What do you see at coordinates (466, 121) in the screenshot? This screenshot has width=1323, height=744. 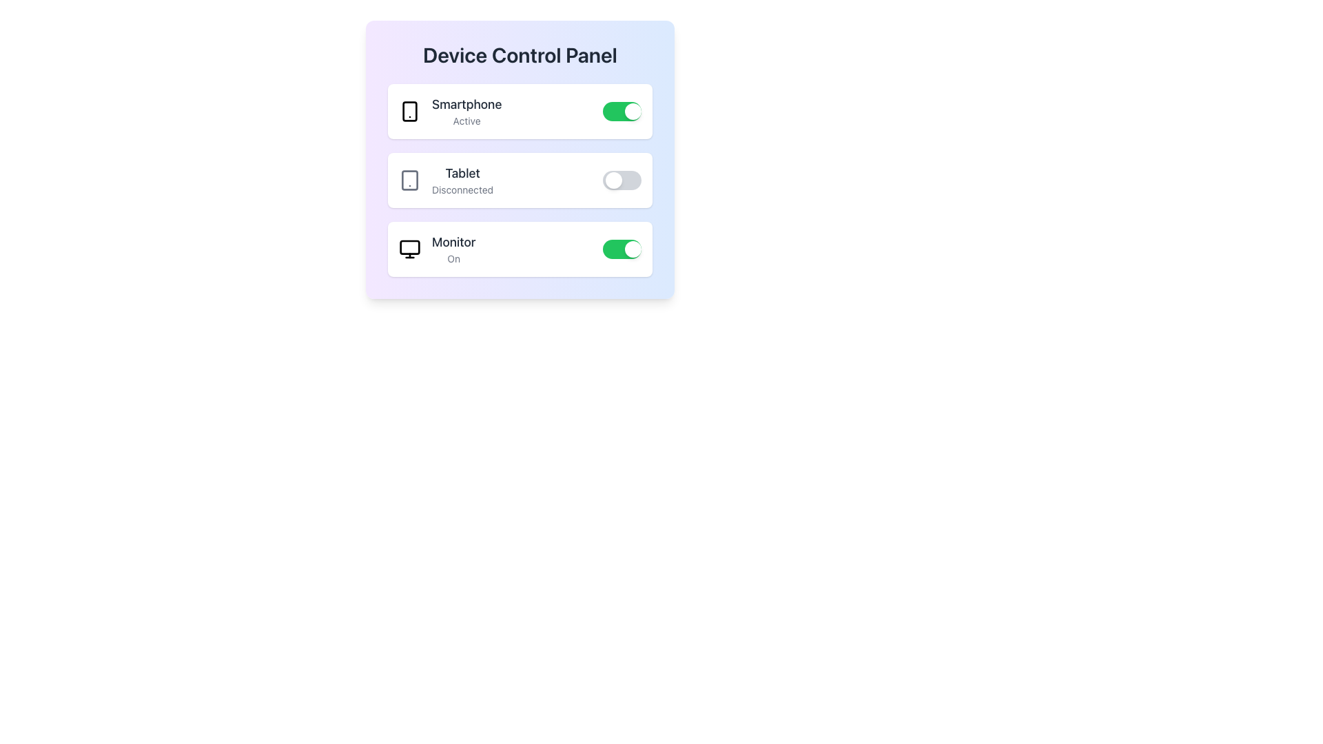 I see `the text label displaying 'Active', which is styled in a small gray font and located beneath the 'Smartphone' label in the 'Device Control Panel'` at bounding box center [466, 121].